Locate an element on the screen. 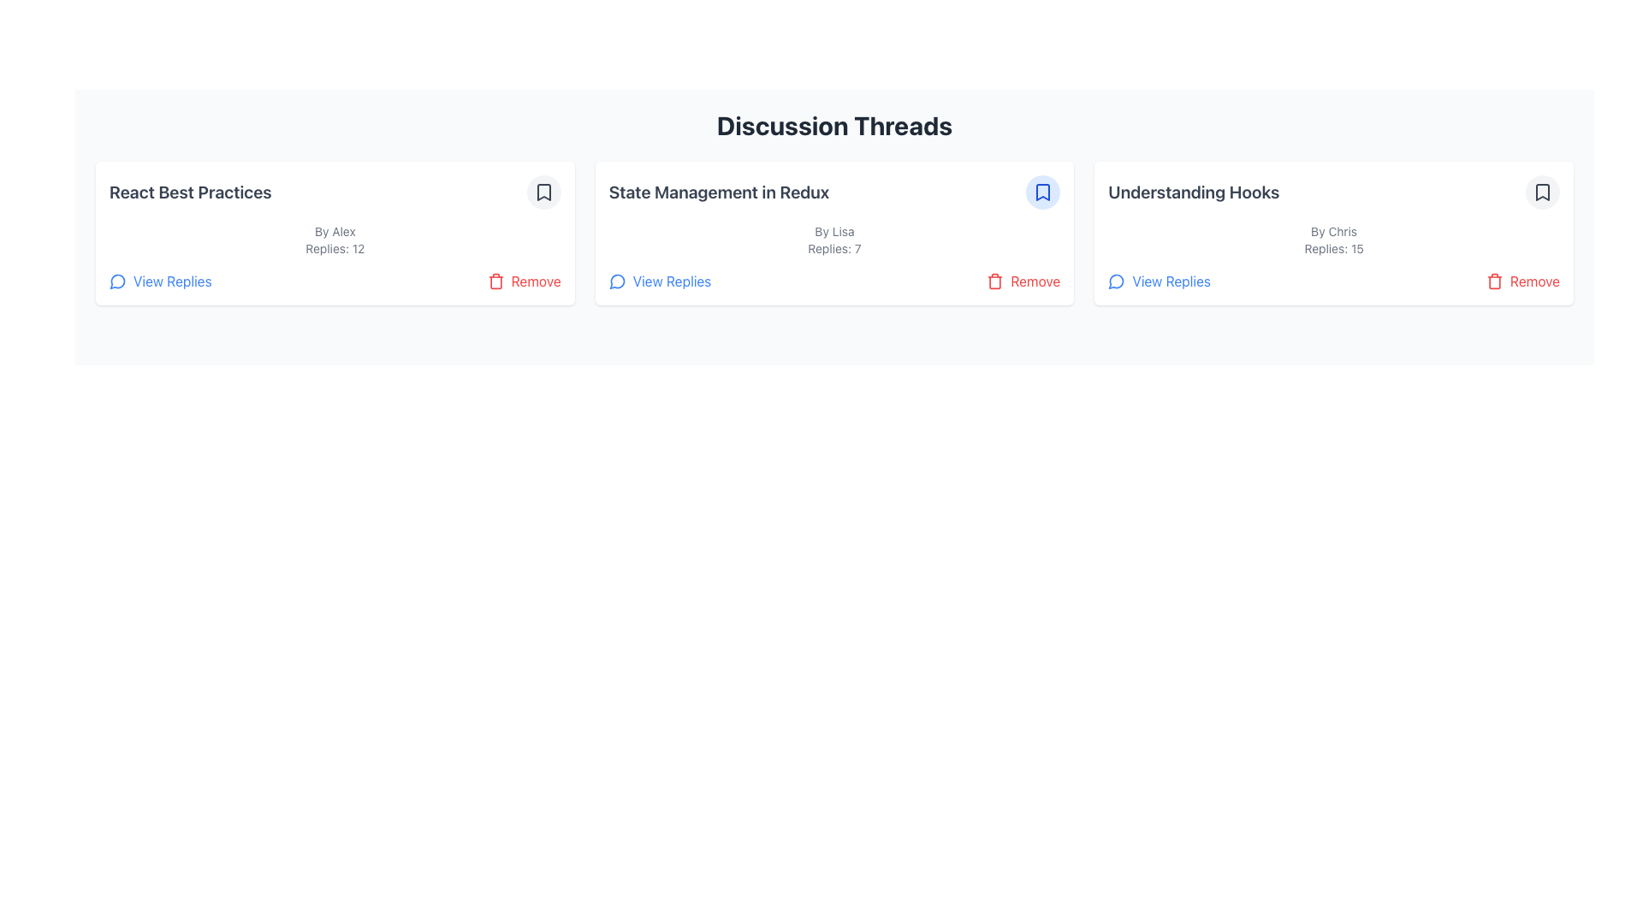 The width and height of the screenshot is (1643, 924). the appearance of the icon located to the left of the 'View Replies' link in the 'React Best Practices' card section is located at coordinates (117, 280).